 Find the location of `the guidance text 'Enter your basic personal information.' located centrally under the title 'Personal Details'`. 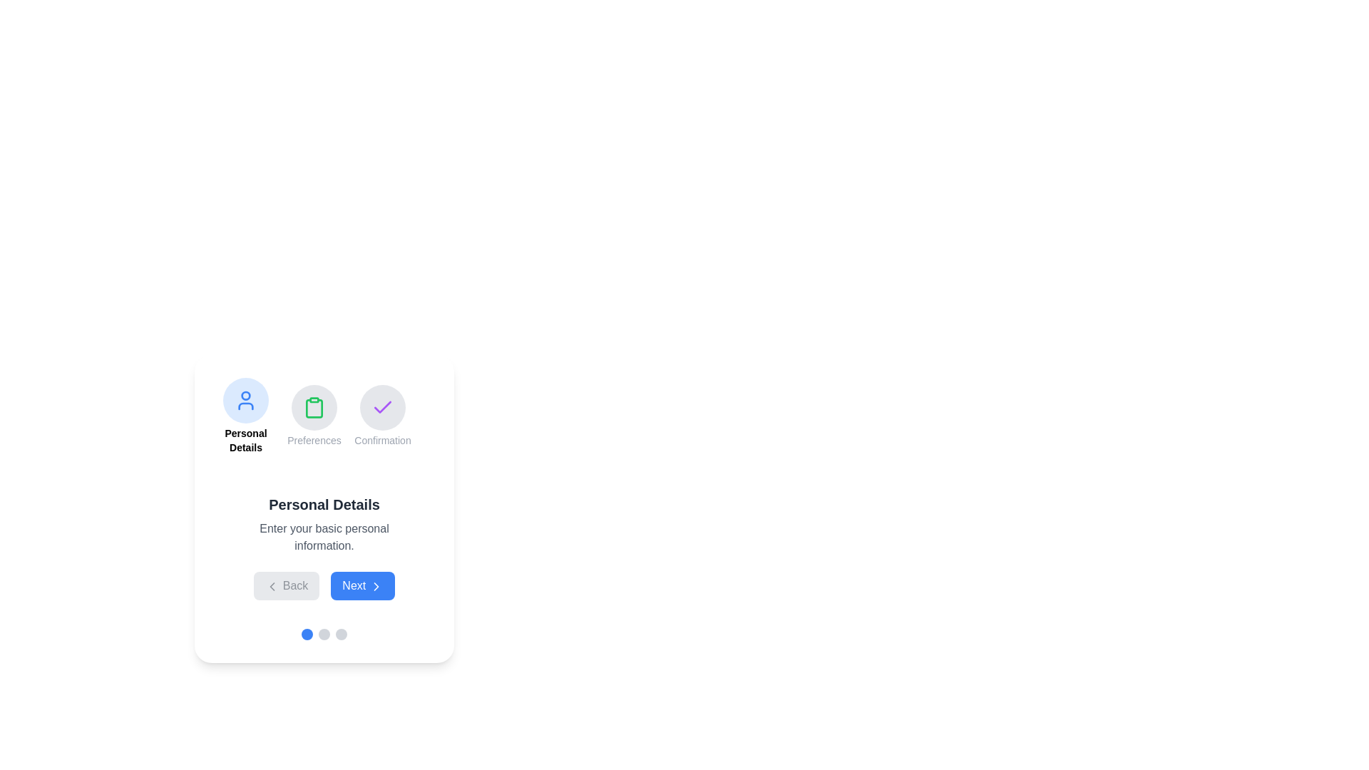

the guidance text 'Enter your basic personal information.' located centrally under the title 'Personal Details' is located at coordinates (324, 537).